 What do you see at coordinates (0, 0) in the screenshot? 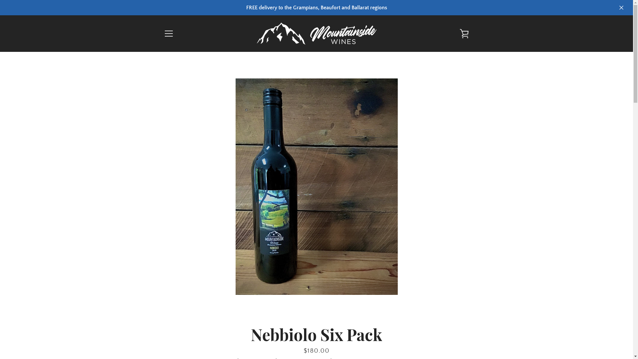
I see `'Skip to content'` at bounding box center [0, 0].